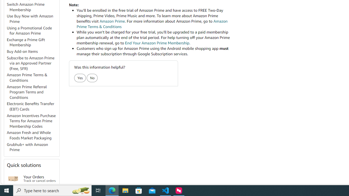 The width and height of the screenshot is (349, 196). I want to click on 'End Your Amazon Prime Membership', so click(157, 43).